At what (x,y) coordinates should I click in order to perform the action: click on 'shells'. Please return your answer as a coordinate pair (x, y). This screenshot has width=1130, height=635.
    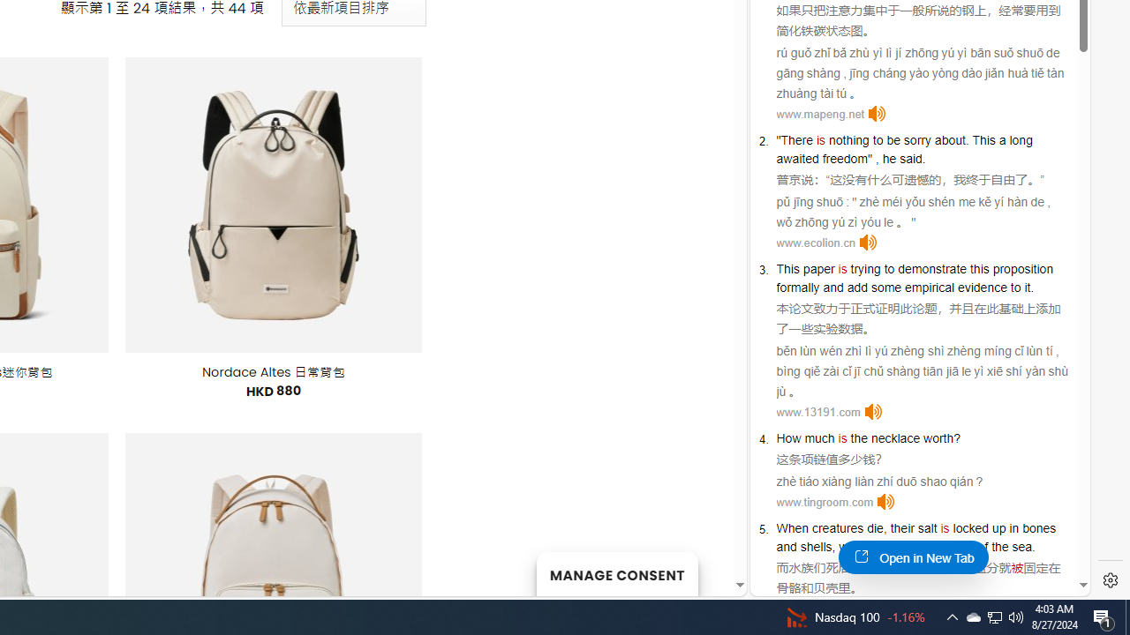
    Looking at the image, I should click on (815, 545).